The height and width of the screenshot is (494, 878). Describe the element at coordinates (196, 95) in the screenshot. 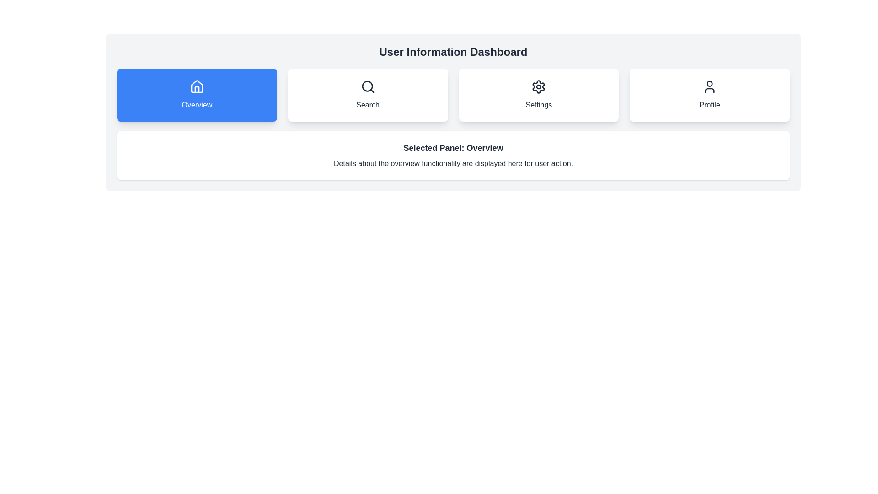

I see `the blue rounded button labeled 'Overview' located below the 'User Information Dashboard' title` at that location.